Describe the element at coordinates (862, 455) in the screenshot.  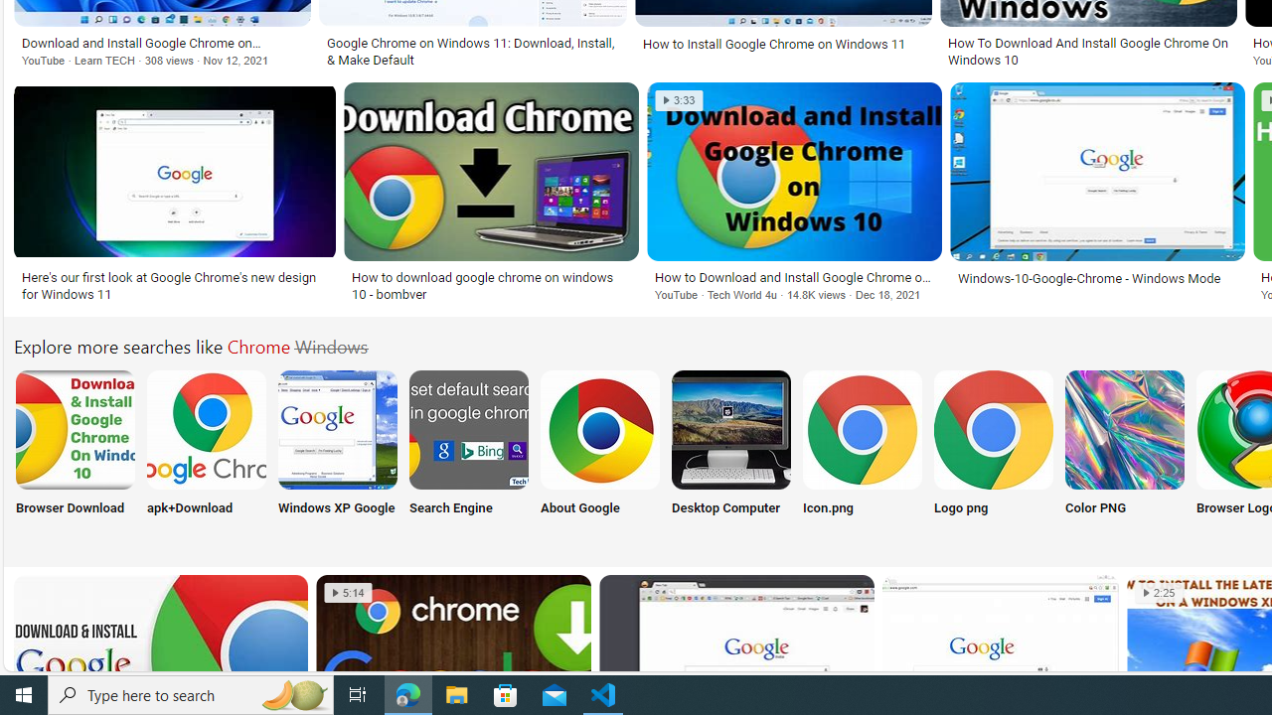
I see `'Chrome Icon.png Icon.png'` at that location.